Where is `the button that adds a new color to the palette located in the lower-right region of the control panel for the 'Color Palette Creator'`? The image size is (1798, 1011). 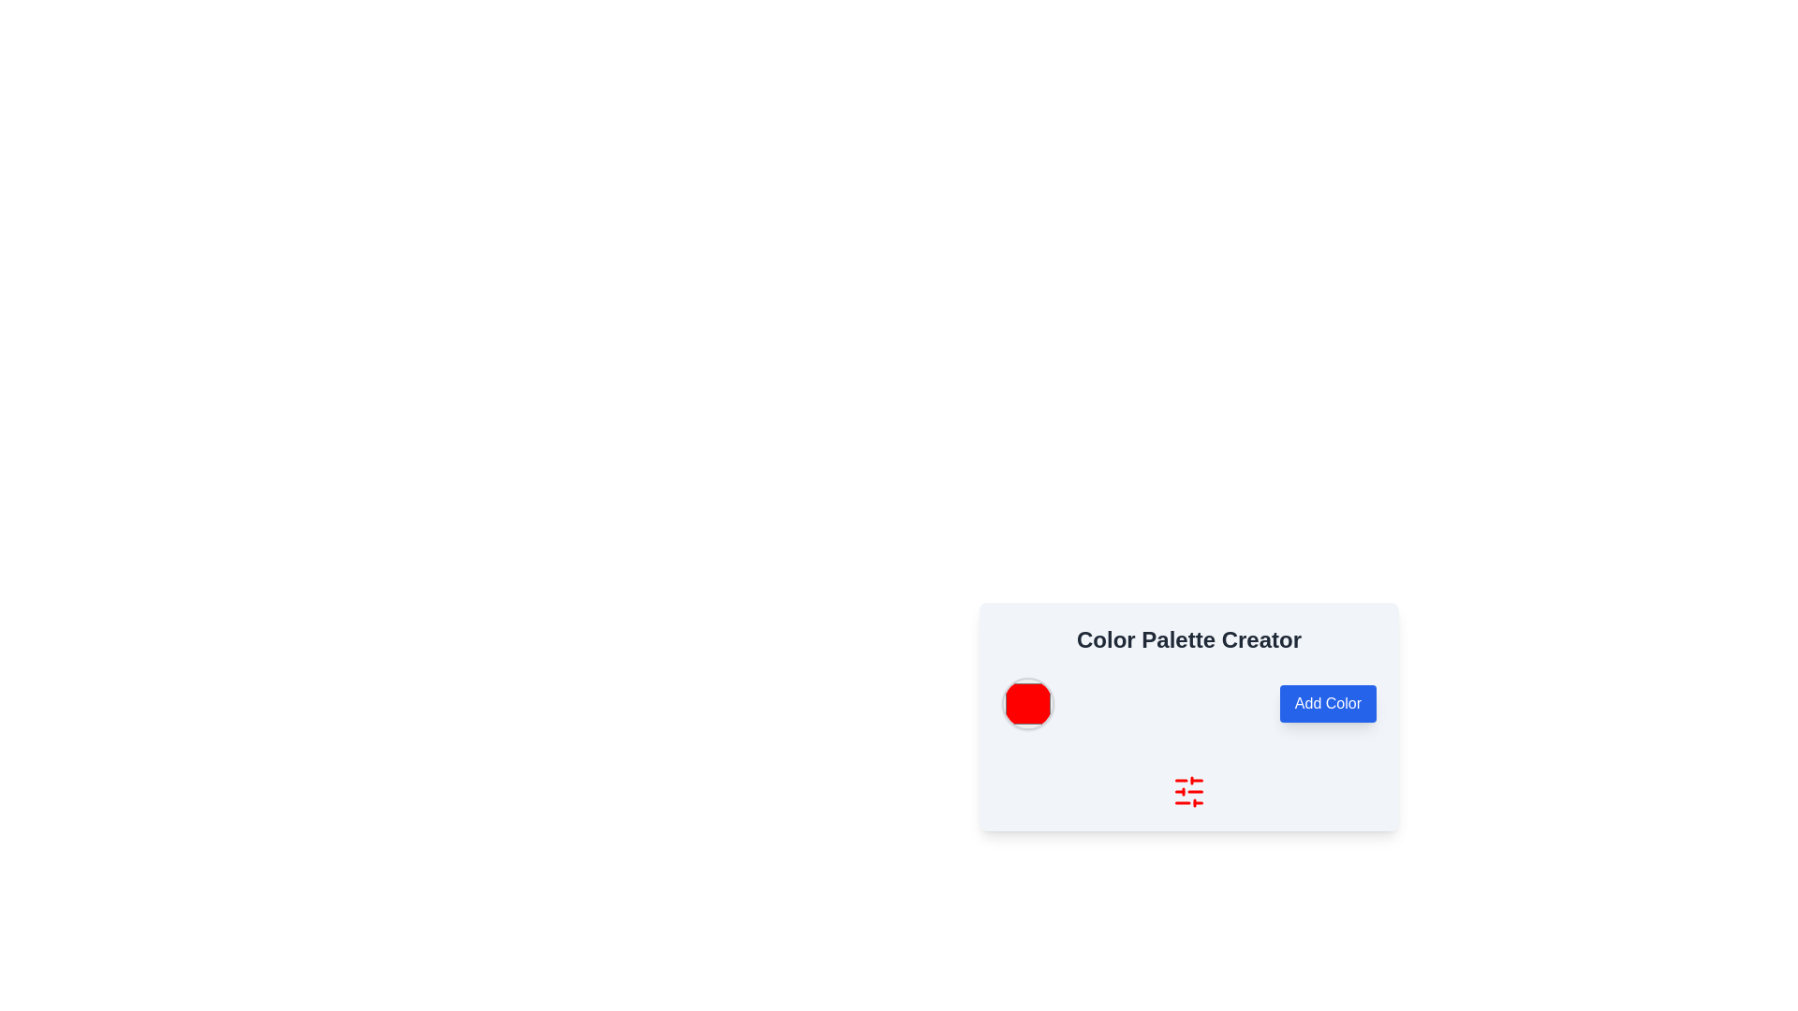
the button that adds a new color to the palette located in the lower-right region of the control panel for the 'Color Palette Creator' is located at coordinates (1327, 704).